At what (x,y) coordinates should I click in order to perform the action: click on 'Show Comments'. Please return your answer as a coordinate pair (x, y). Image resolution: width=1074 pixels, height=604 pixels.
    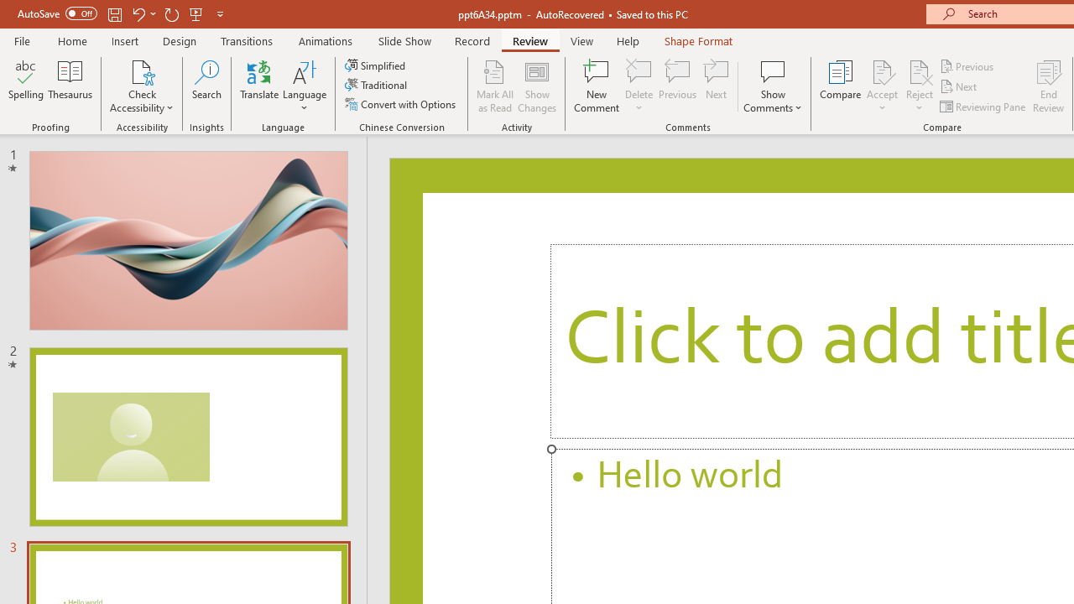
    Looking at the image, I should click on (772, 70).